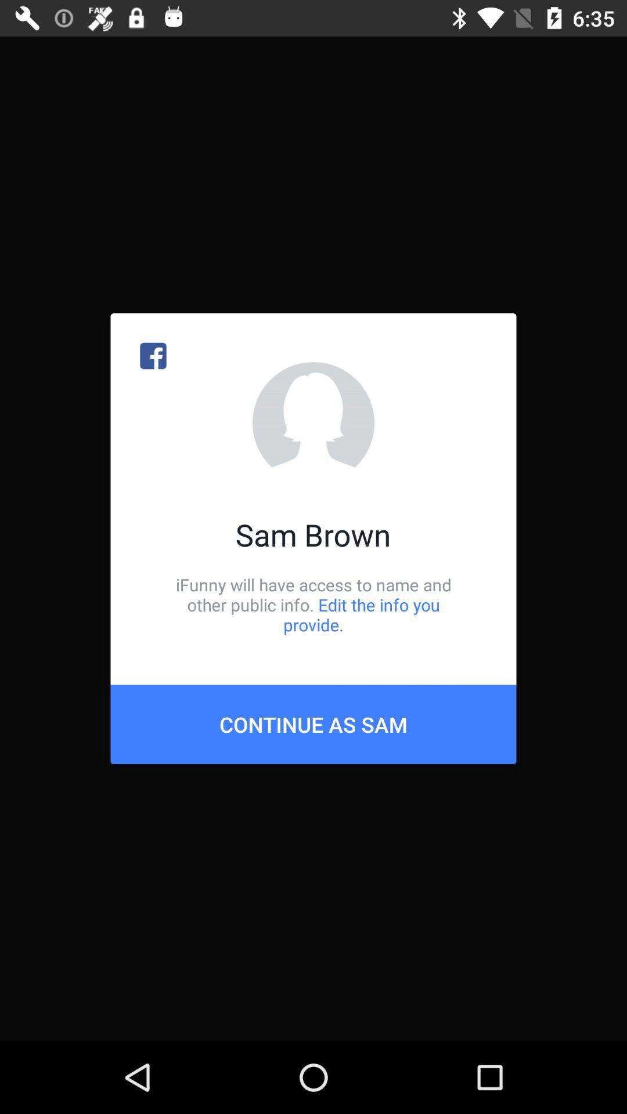  I want to click on the item below ifunny will have item, so click(313, 724).